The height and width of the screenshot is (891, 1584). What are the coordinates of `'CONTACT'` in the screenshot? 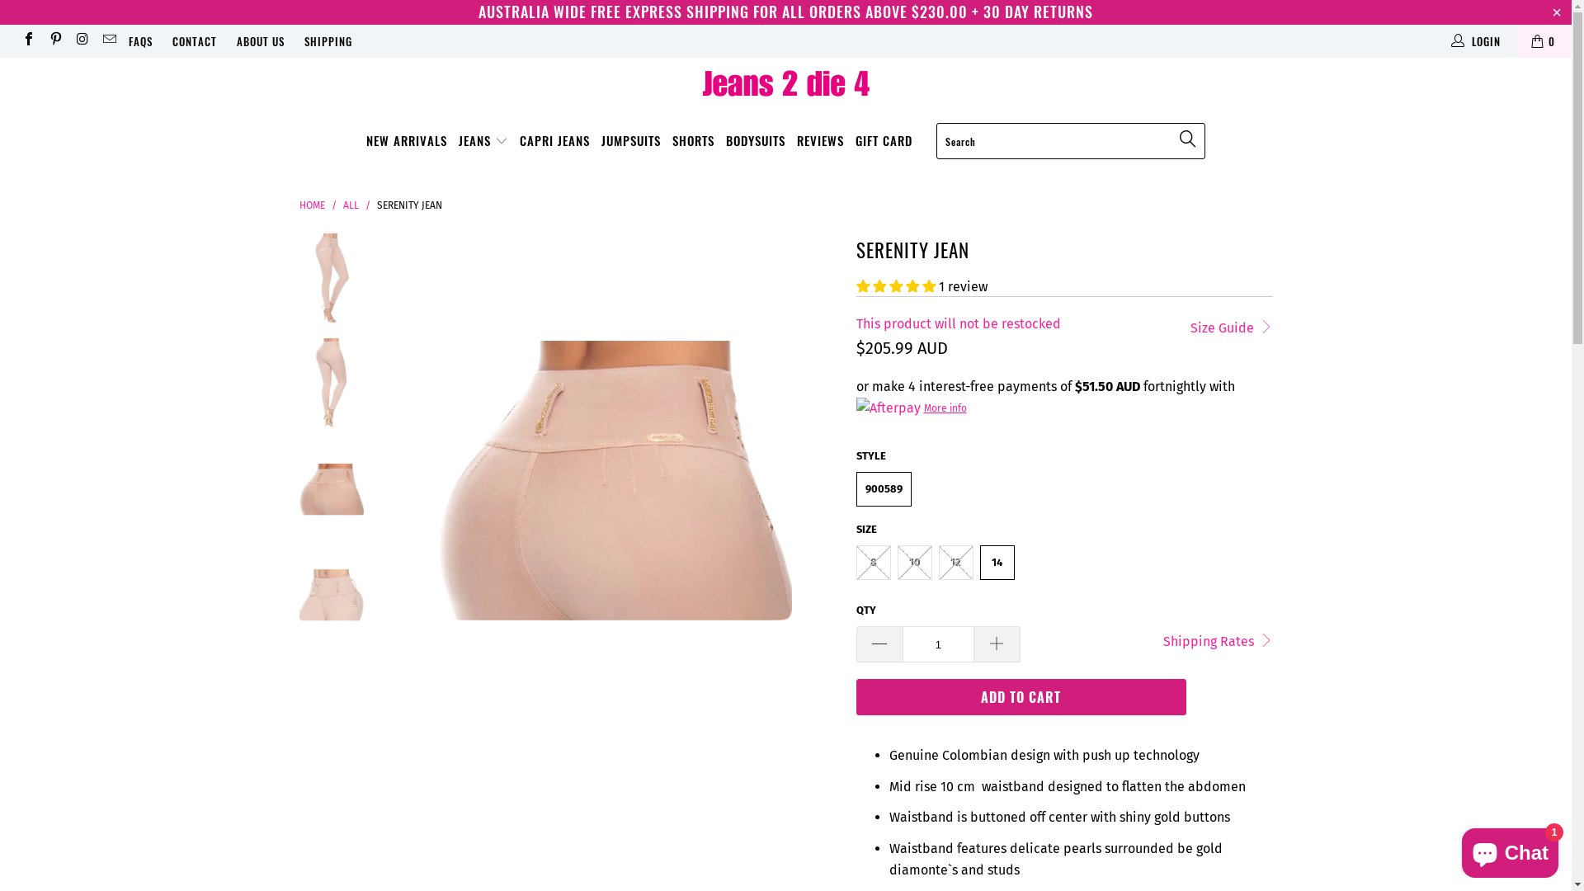 It's located at (194, 40).